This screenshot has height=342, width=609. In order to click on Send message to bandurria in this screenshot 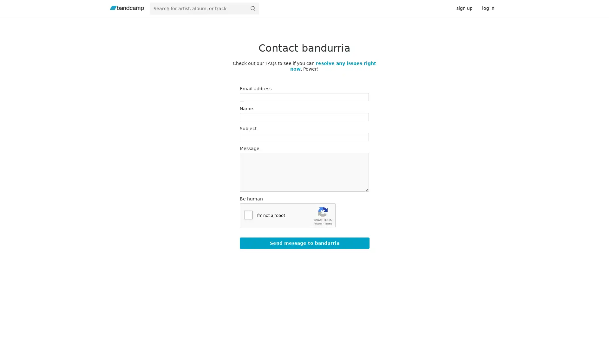, I will do `click(304, 243)`.